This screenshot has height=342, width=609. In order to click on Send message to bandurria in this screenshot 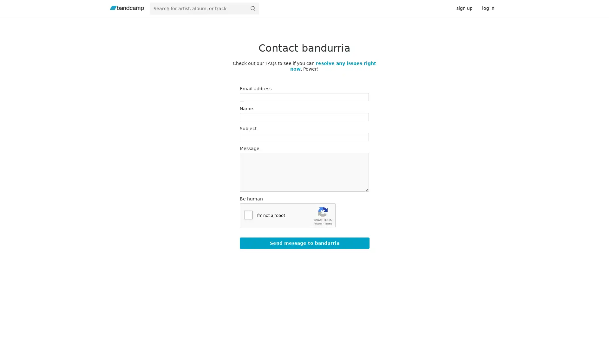, I will do `click(304, 243)`.